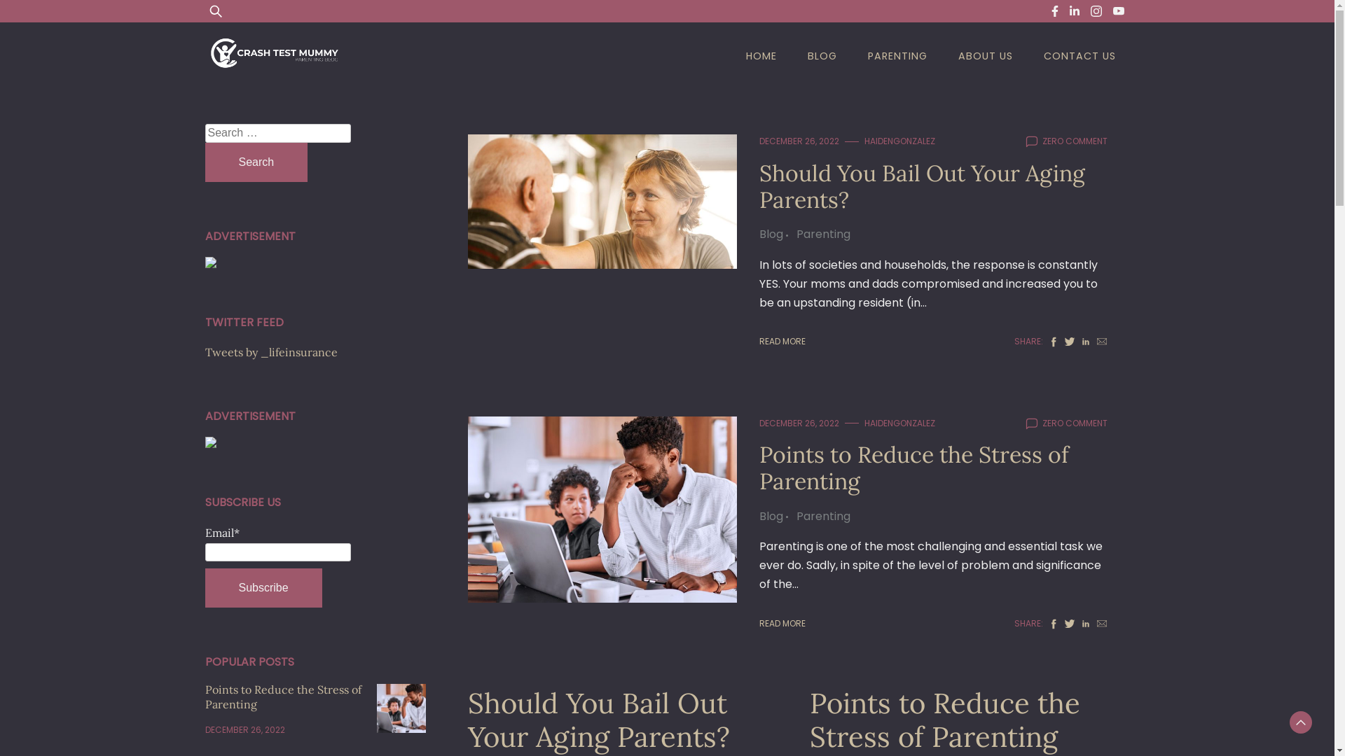 The width and height of the screenshot is (1345, 756). What do you see at coordinates (984, 55) in the screenshot?
I see `'ABOUT US'` at bounding box center [984, 55].